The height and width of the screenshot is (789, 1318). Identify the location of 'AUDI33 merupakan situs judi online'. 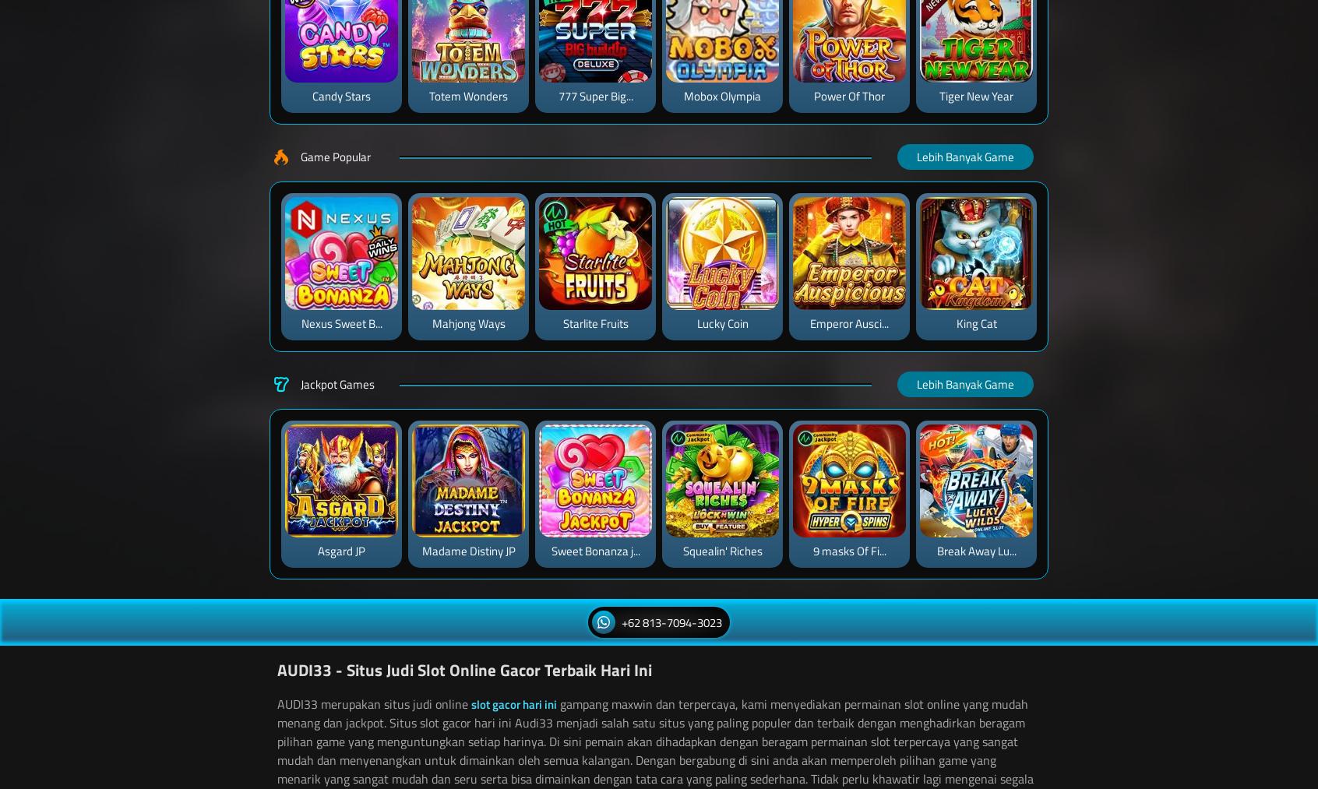
(373, 702).